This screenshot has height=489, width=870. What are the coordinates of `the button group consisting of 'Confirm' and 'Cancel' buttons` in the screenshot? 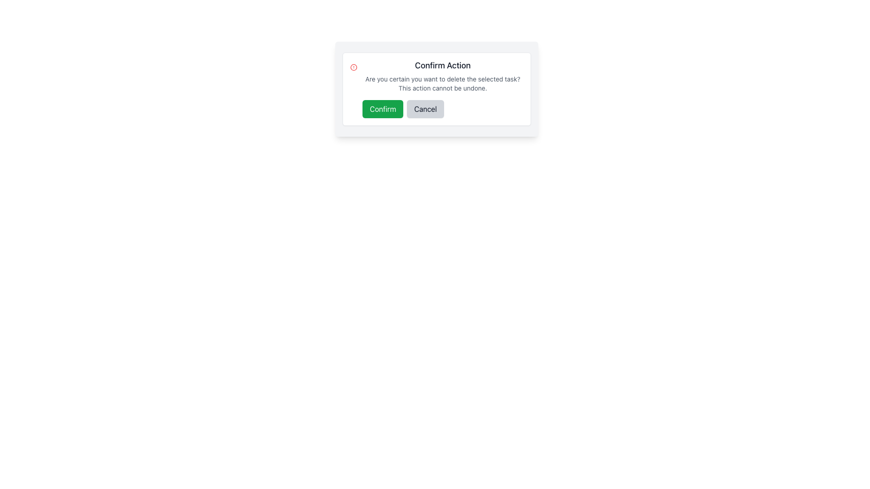 It's located at (443, 108).